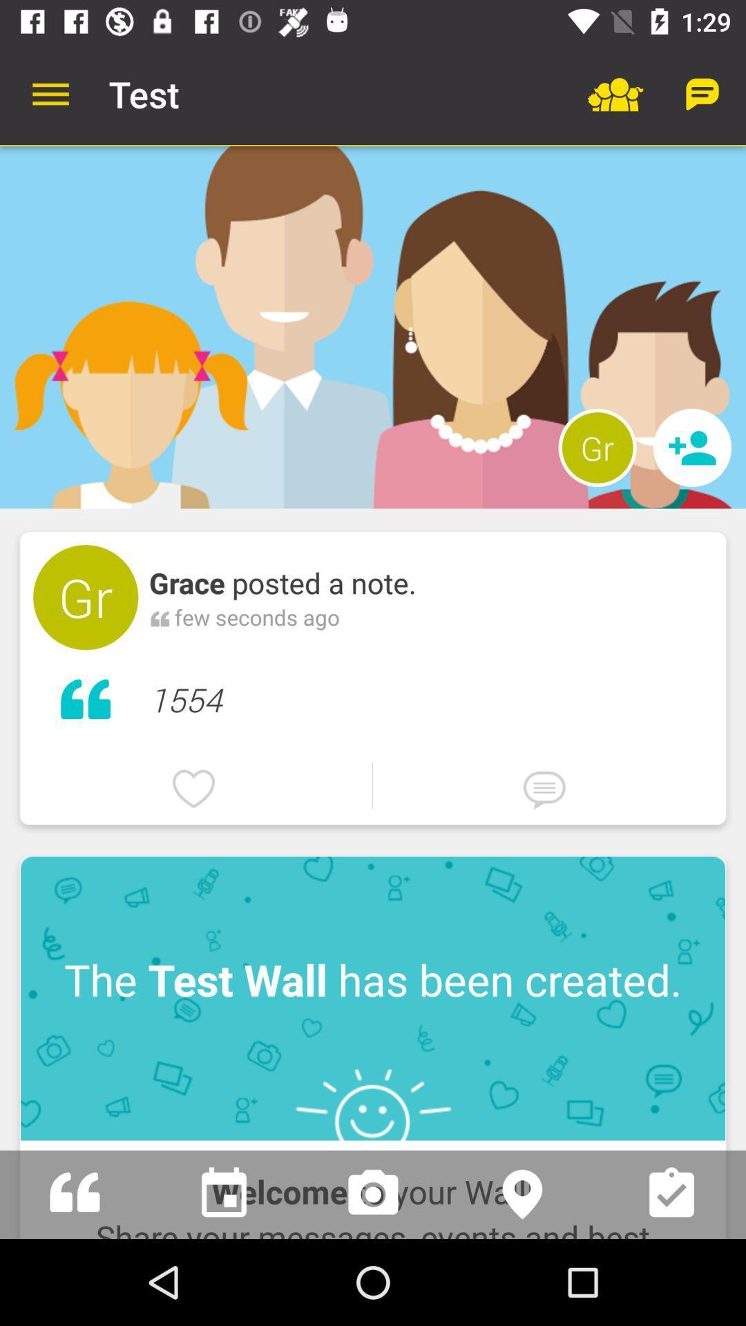 Image resolution: width=746 pixels, height=1326 pixels. What do you see at coordinates (430, 696) in the screenshot?
I see `the icon below the few seconds ago` at bounding box center [430, 696].